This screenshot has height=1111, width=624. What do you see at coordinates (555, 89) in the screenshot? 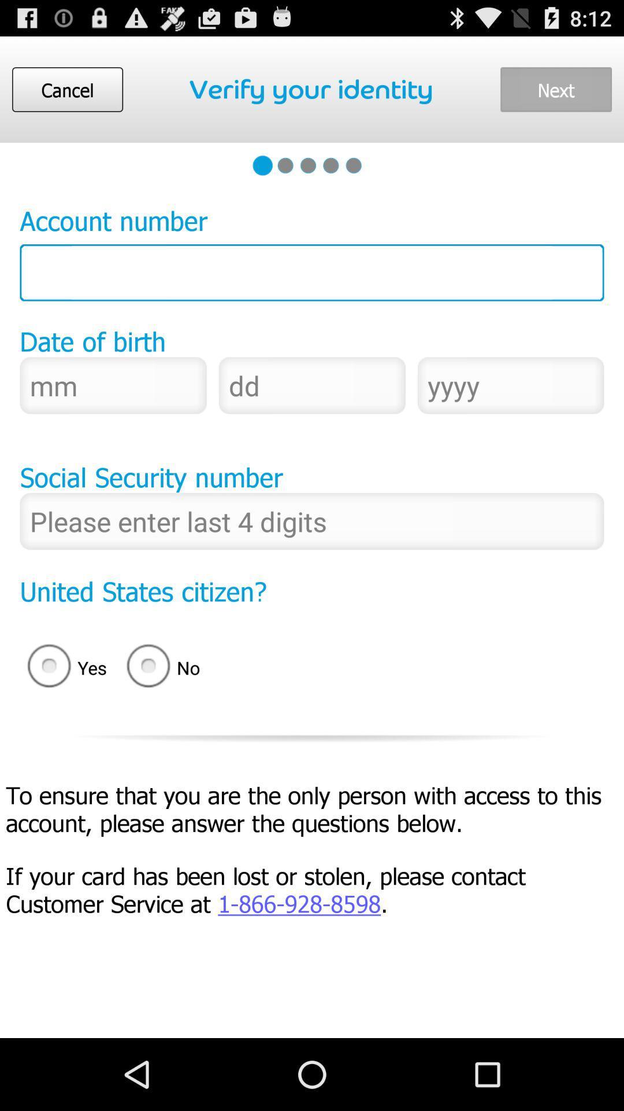
I see `the item next to verify your identity` at bounding box center [555, 89].